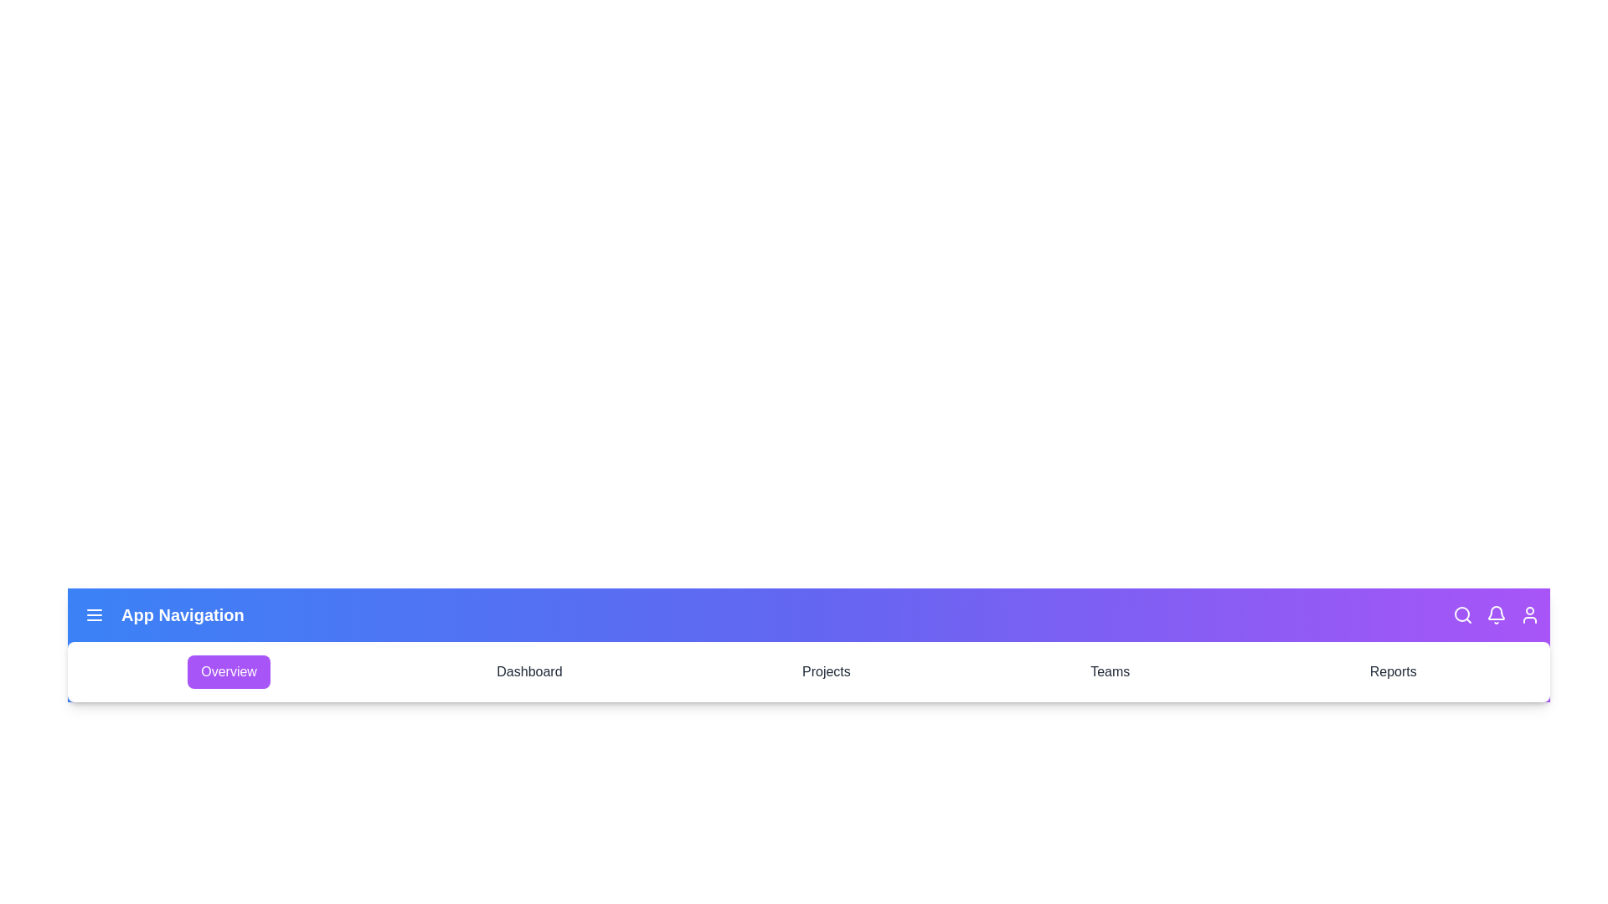 This screenshot has height=904, width=1608. Describe the element at coordinates (1110, 670) in the screenshot. I see `the Teams tab to navigate to it` at that location.